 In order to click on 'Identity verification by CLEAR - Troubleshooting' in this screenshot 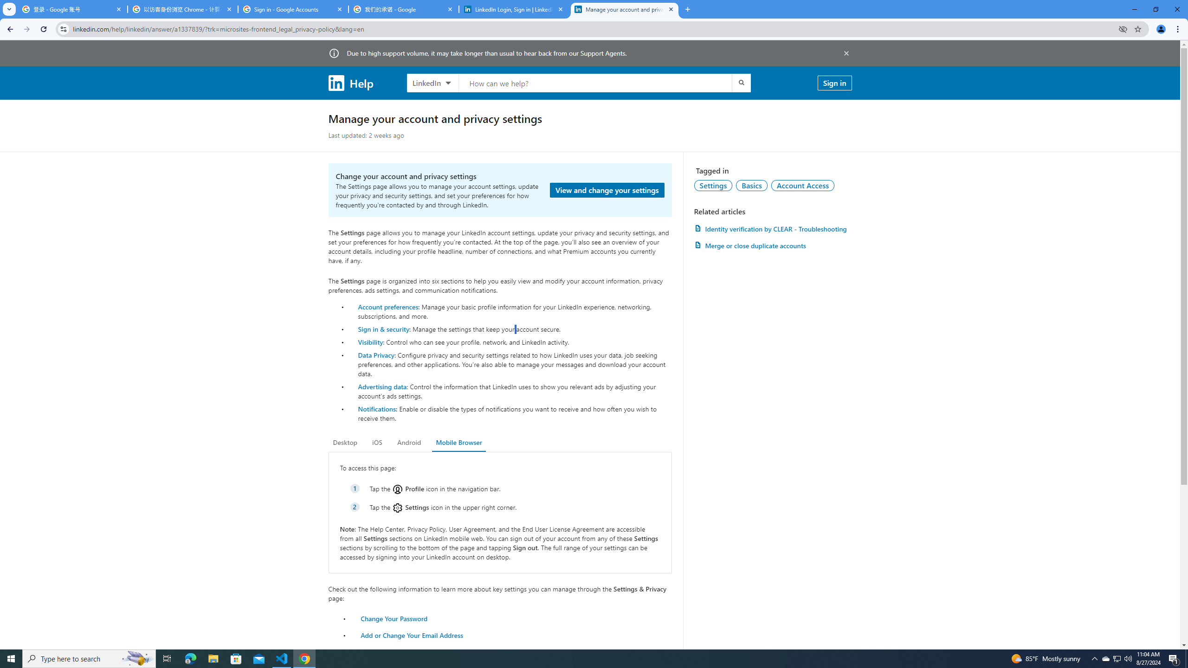, I will do `click(772, 229)`.